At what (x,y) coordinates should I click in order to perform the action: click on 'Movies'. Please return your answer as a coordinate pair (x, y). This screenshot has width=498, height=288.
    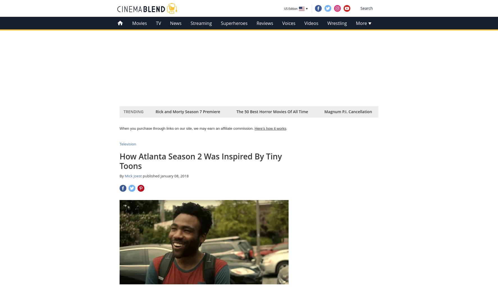
    Looking at the image, I should click on (132, 23).